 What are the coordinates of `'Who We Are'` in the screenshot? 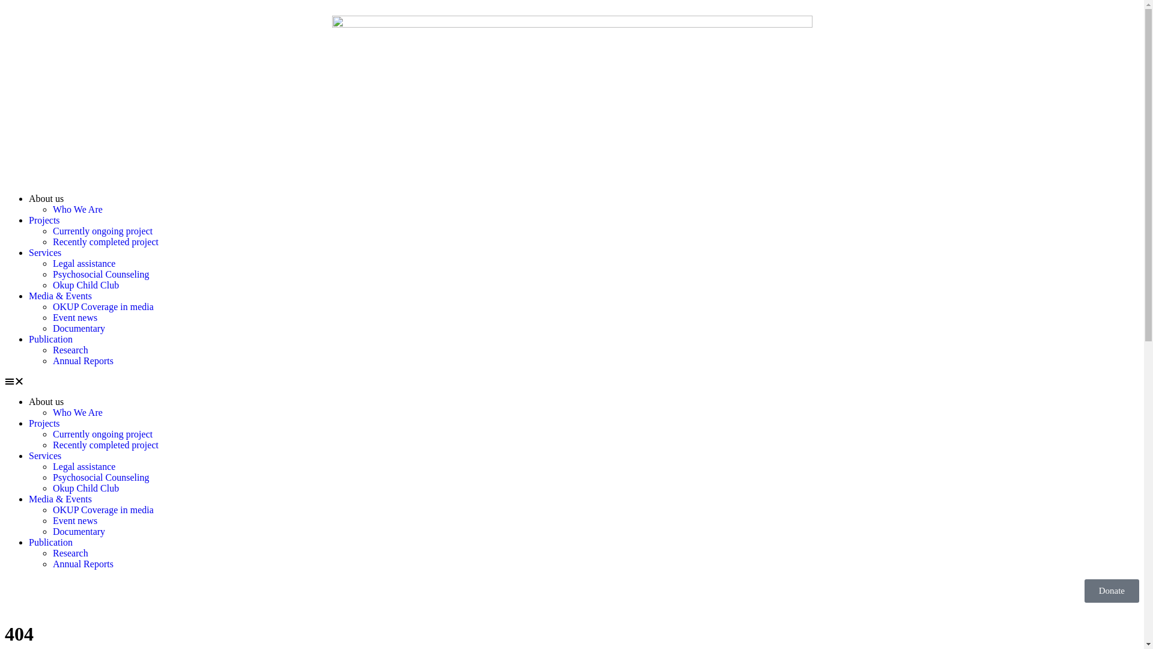 It's located at (77, 209).